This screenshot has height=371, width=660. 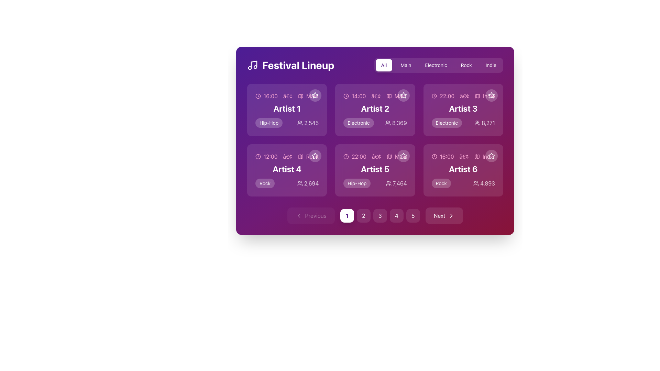 What do you see at coordinates (287, 110) in the screenshot?
I see `the Card element displaying performance information located at the top-left corner of the grid, which includes artist name, genre tag, and listener indicator for further interactions` at bounding box center [287, 110].